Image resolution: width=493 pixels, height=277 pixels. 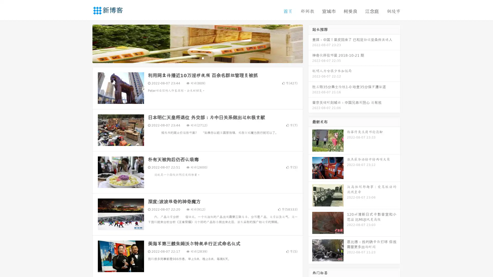 What do you see at coordinates (192, 58) in the screenshot?
I see `Go to slide 1` at bounding box center [192, 58].